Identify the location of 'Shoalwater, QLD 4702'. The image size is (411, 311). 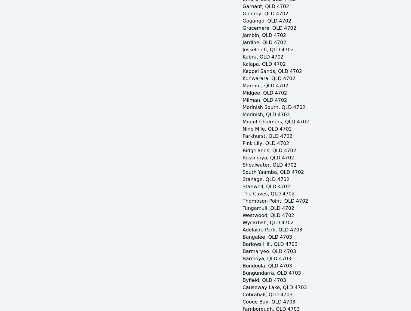
(269, 165).